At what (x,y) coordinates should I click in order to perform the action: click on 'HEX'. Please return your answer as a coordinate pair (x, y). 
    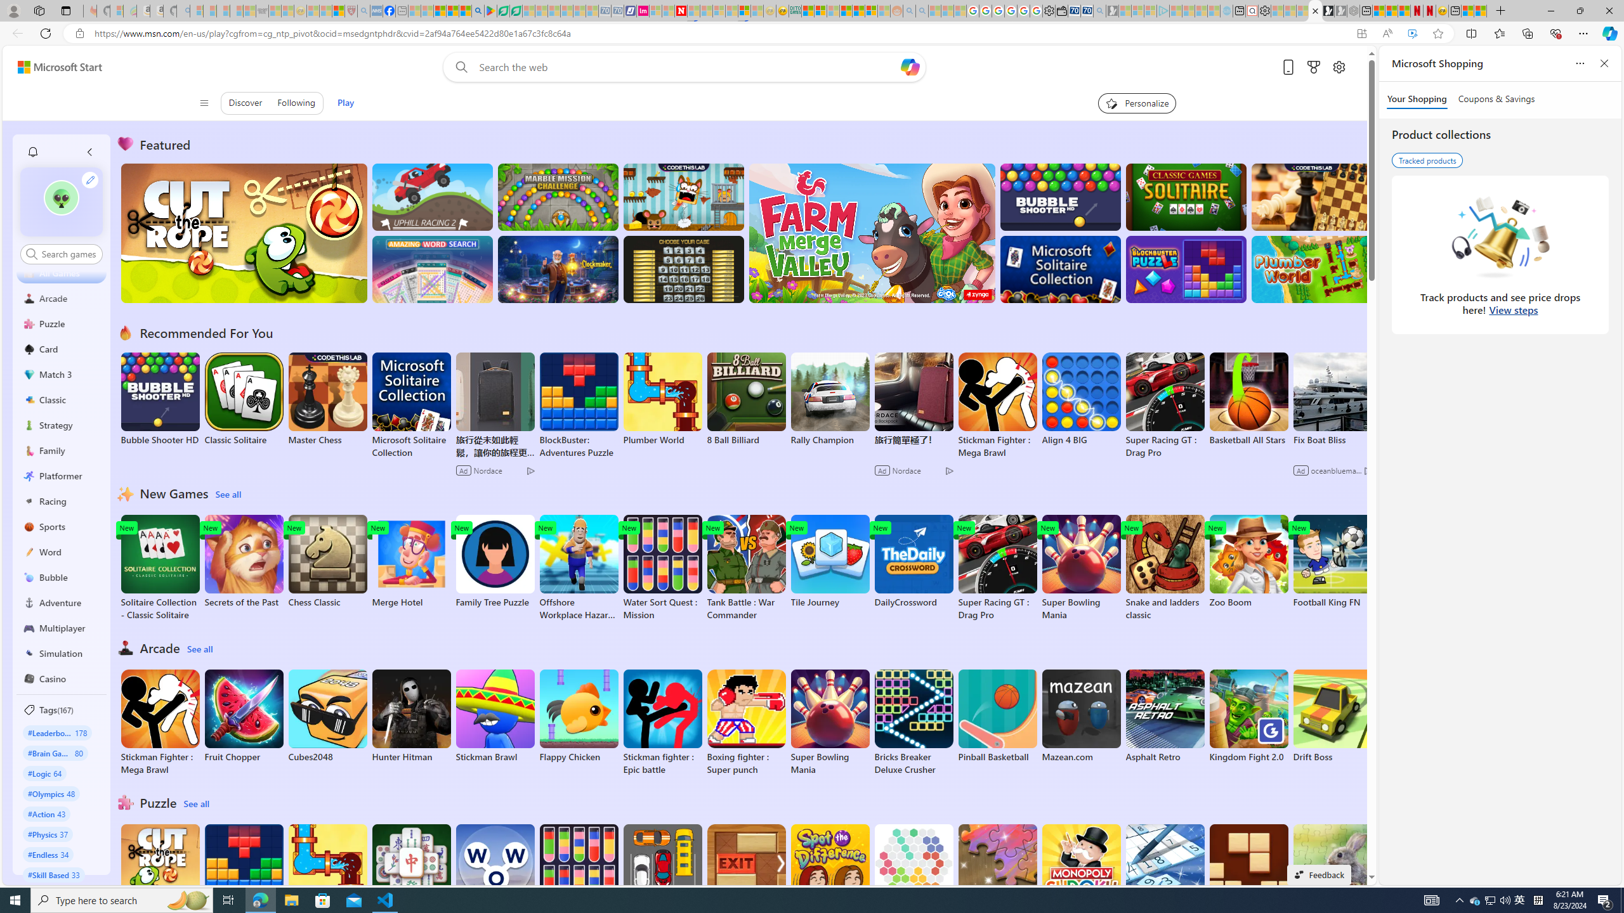
    Looking at the image, I should click on (913, 871).